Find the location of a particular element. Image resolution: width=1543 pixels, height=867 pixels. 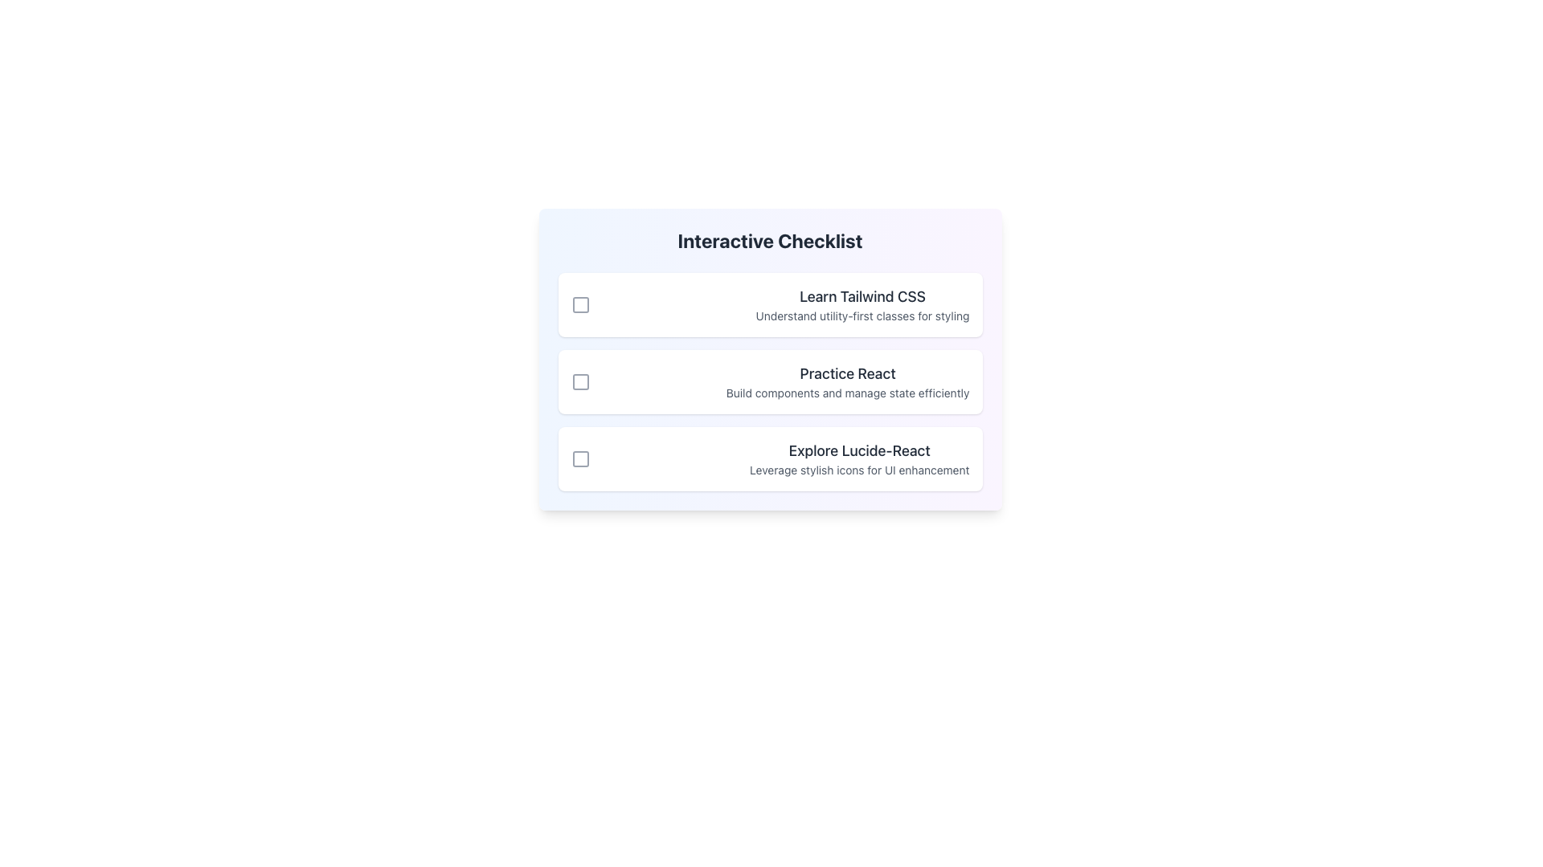

the informational Text block with the heading 'Learn Tailwind CSS' located to the right of a checkbox within the first white, shadowed card in the 'Interactive Checklist' section is located at coordinates (862, 305).